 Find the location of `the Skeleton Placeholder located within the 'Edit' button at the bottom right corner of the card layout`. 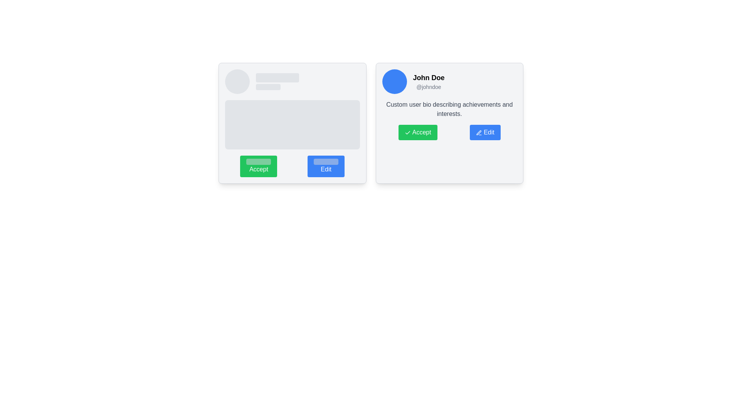

the Skeleton Placeholder located within the 'Edit' button at the bottom right corner of the card layout is located at coordinates (326, 161).